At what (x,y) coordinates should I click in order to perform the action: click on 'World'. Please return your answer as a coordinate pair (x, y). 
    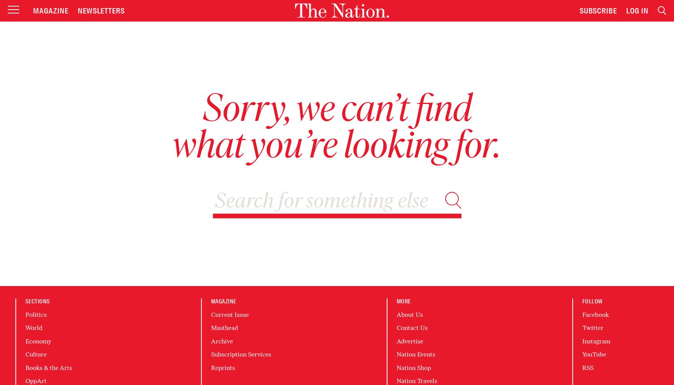
    Looking at the image, I should click on (25, 327).